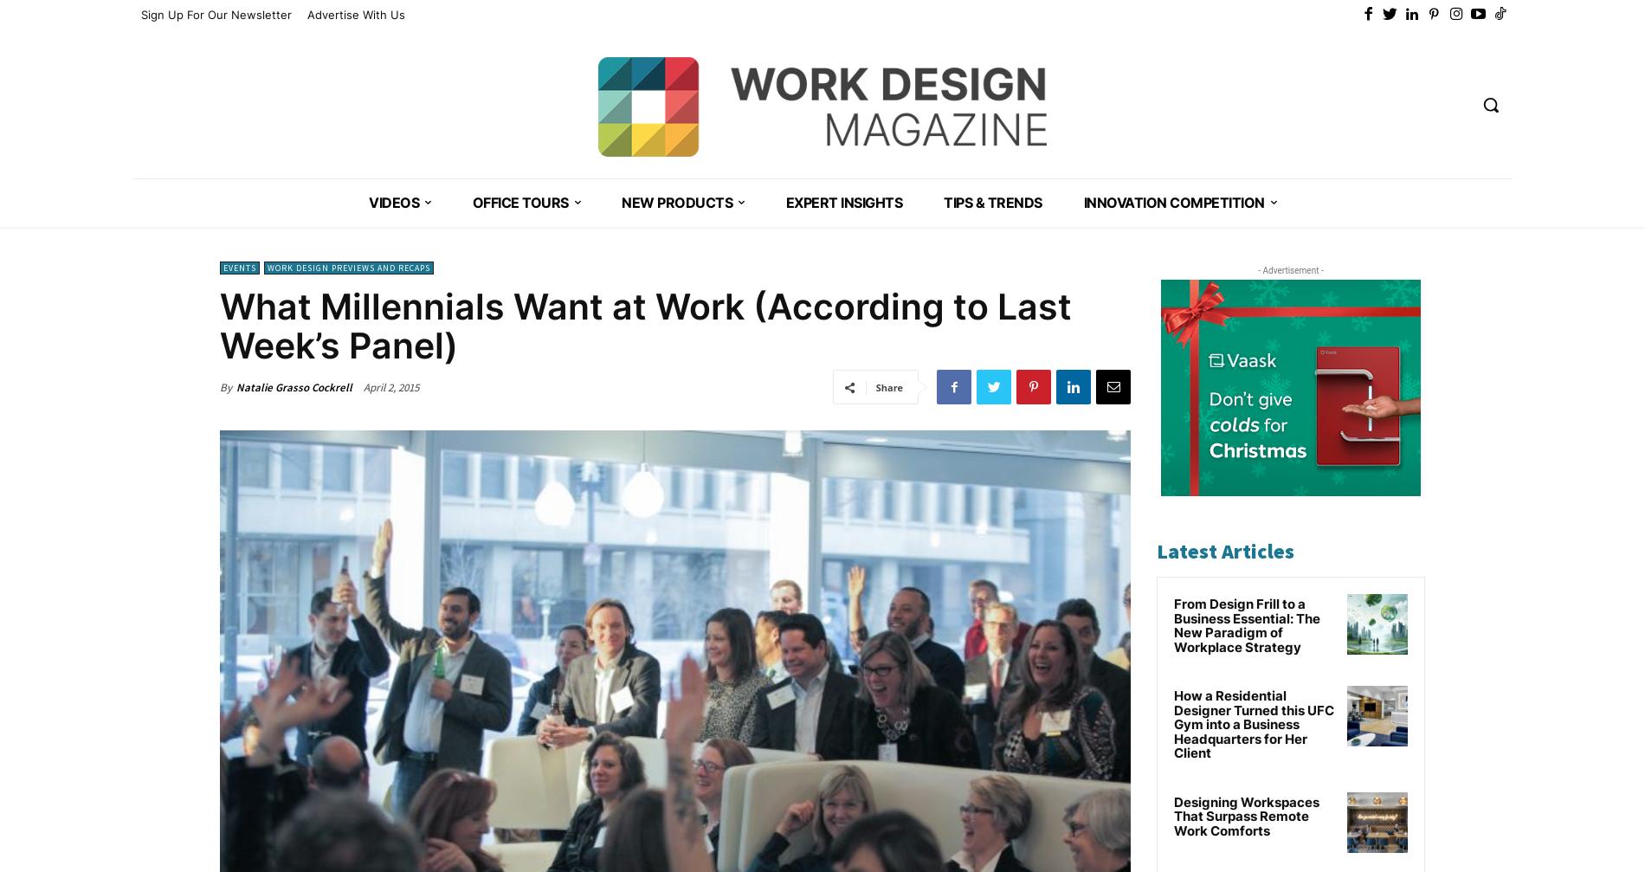  Describe the element at coordinates (355, 15) in the screenshot. I see `'Advertise With Us'` at that location.